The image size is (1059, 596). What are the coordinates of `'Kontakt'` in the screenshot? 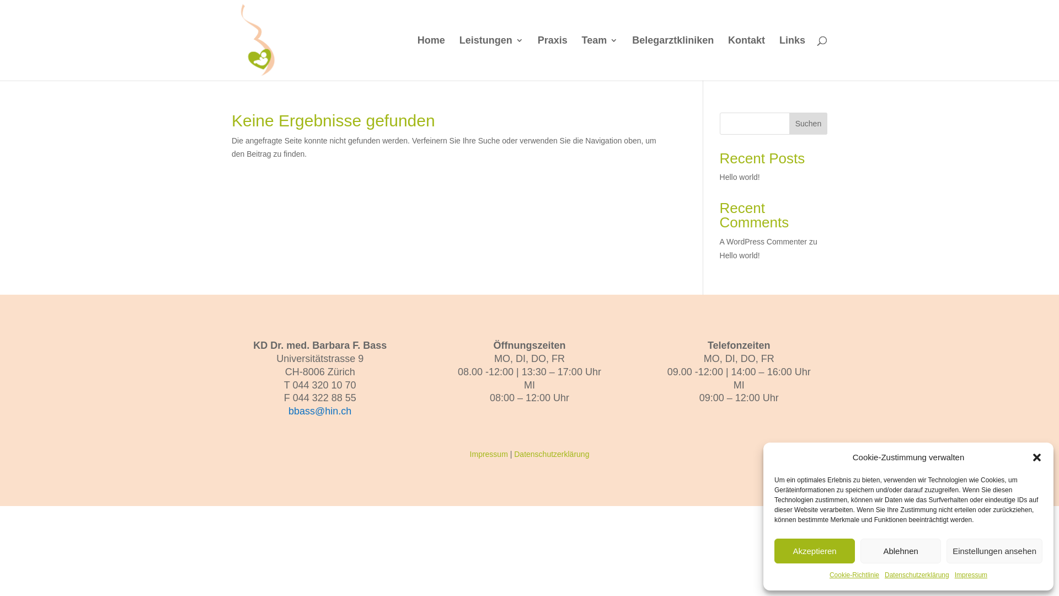 It's located at (746, 58).